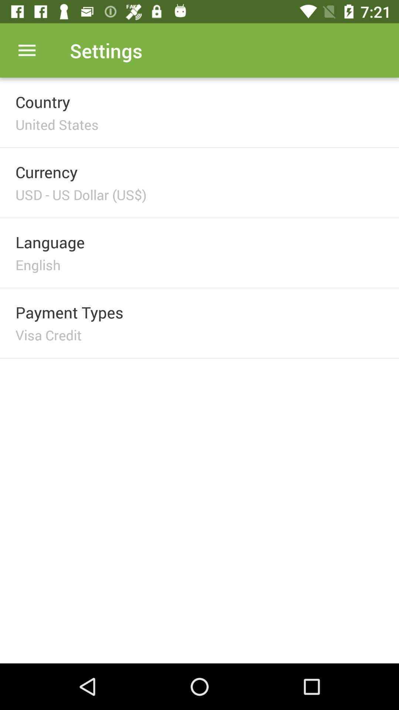 The height and width of the screenshot is (710, 399). Describe the element at coordinates (27, 50) in the screenshot. I see `the item to the left of settings` at that location.